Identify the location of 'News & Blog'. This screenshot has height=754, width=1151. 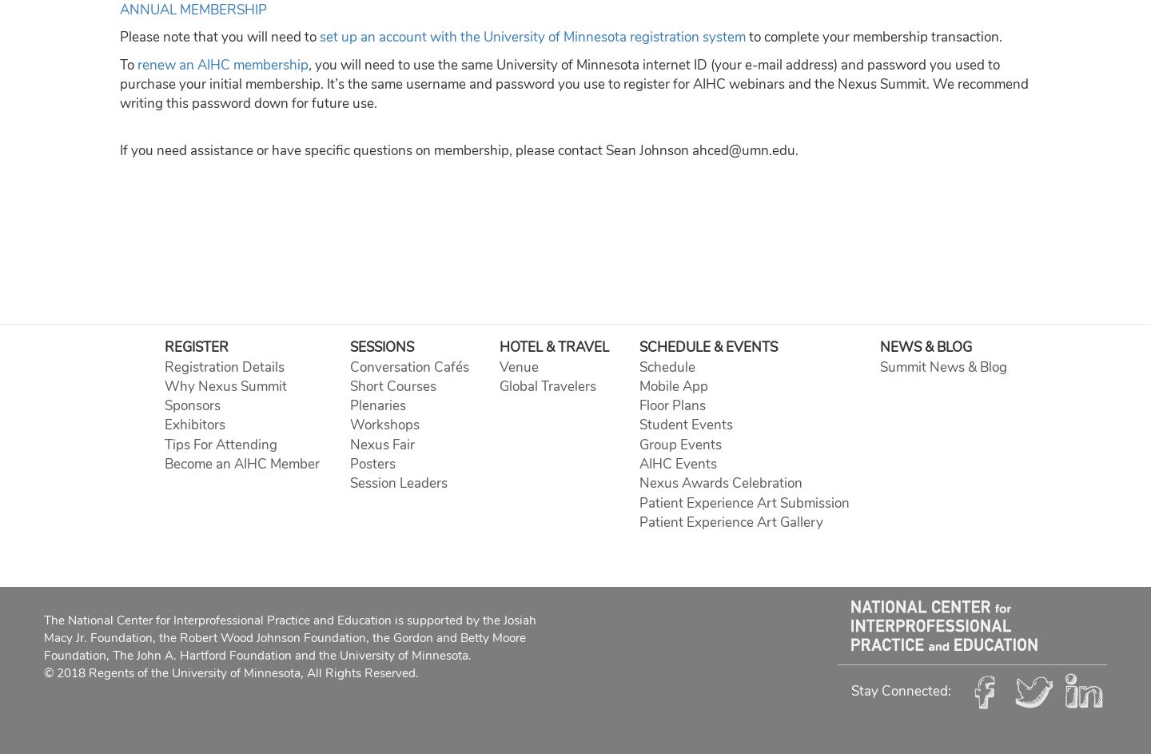
(925, 347).